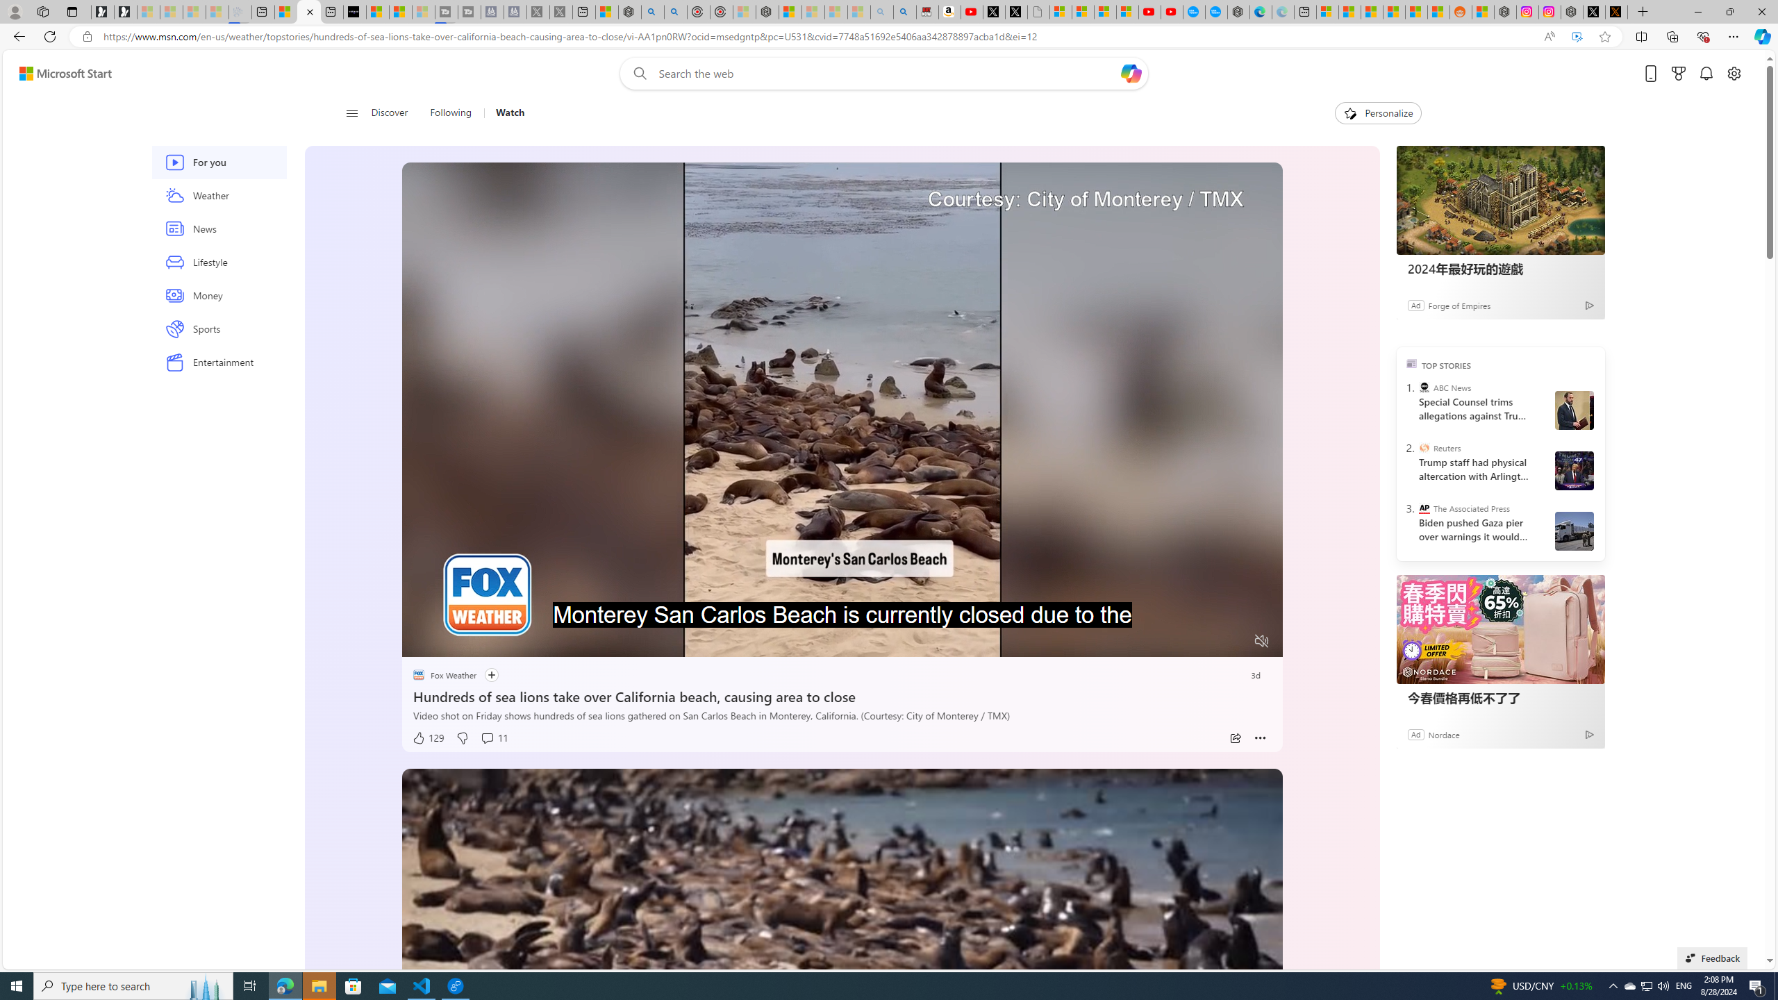  Describe the element at coordinates (1178, 641) in the screenshot. I see `'Quality Settings'` at that location.